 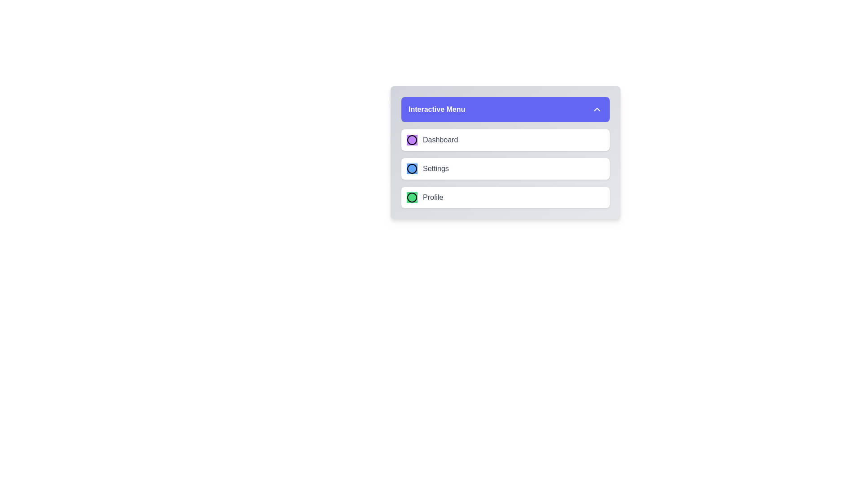 I want to click on the menu item Profile from the EnhancedMenu, so click(x=506, y=197).